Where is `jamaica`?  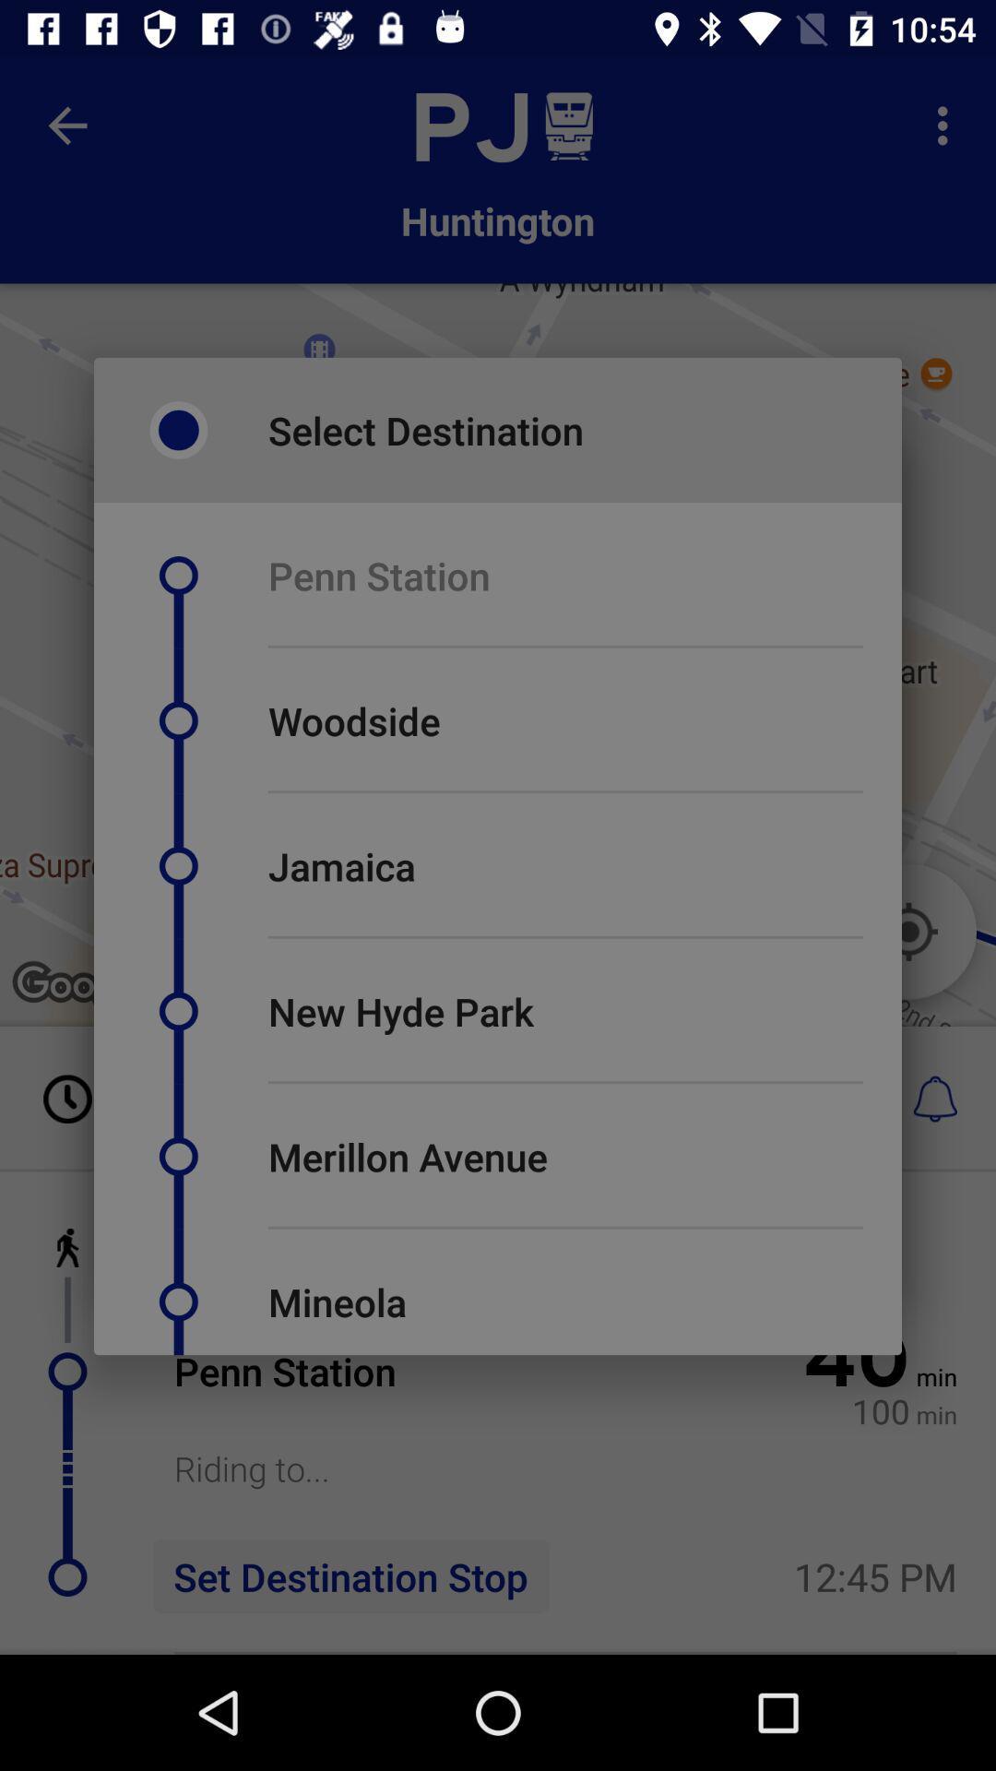
jamaica is located at coordinates (341, 865).